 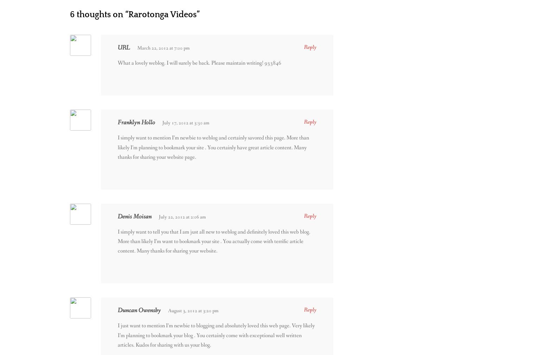 What do you see at coordinates (117, 63) in the screenshot?
I see `'What a lovely weblog. I will surely be back. Please maintain writing! 933846'` at bounding box center [117, 63].